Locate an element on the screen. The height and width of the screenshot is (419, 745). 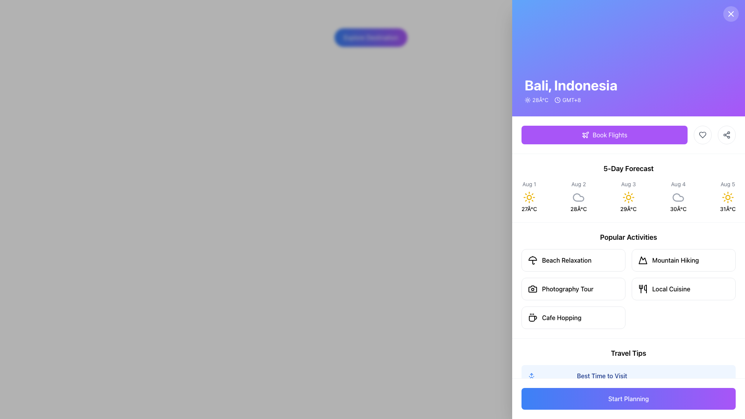
cloud icon representing the weather condition for August 2, located under the '5-Day Forecast' panel, to gather additional data is located at coordinates (579, 197).